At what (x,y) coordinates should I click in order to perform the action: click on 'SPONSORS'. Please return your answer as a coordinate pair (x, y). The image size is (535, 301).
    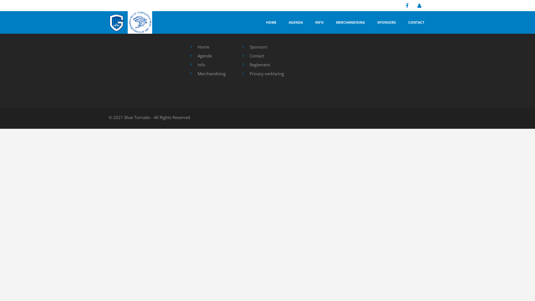
    Looking at the image, I should click on (386, 22).